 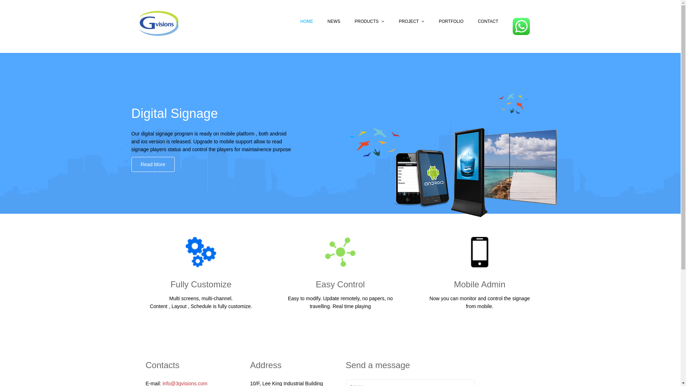 I want to click on 'Read More', so click(x=153, y=164).